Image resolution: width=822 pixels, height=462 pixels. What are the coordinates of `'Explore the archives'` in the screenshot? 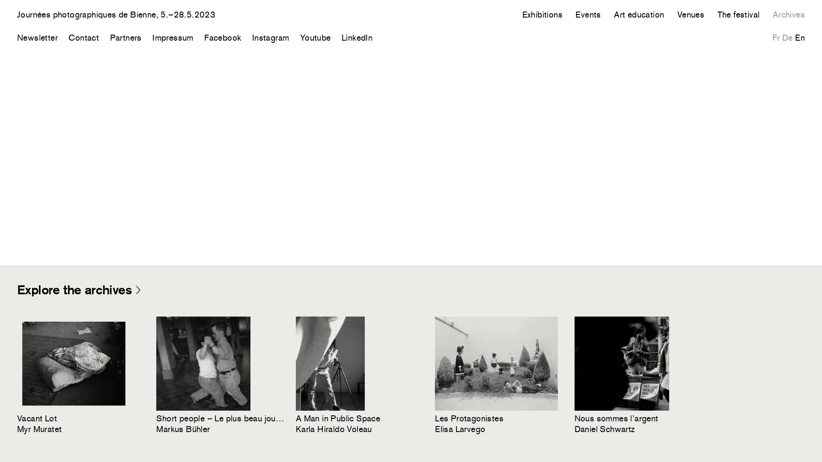 It's located at (79, 289).